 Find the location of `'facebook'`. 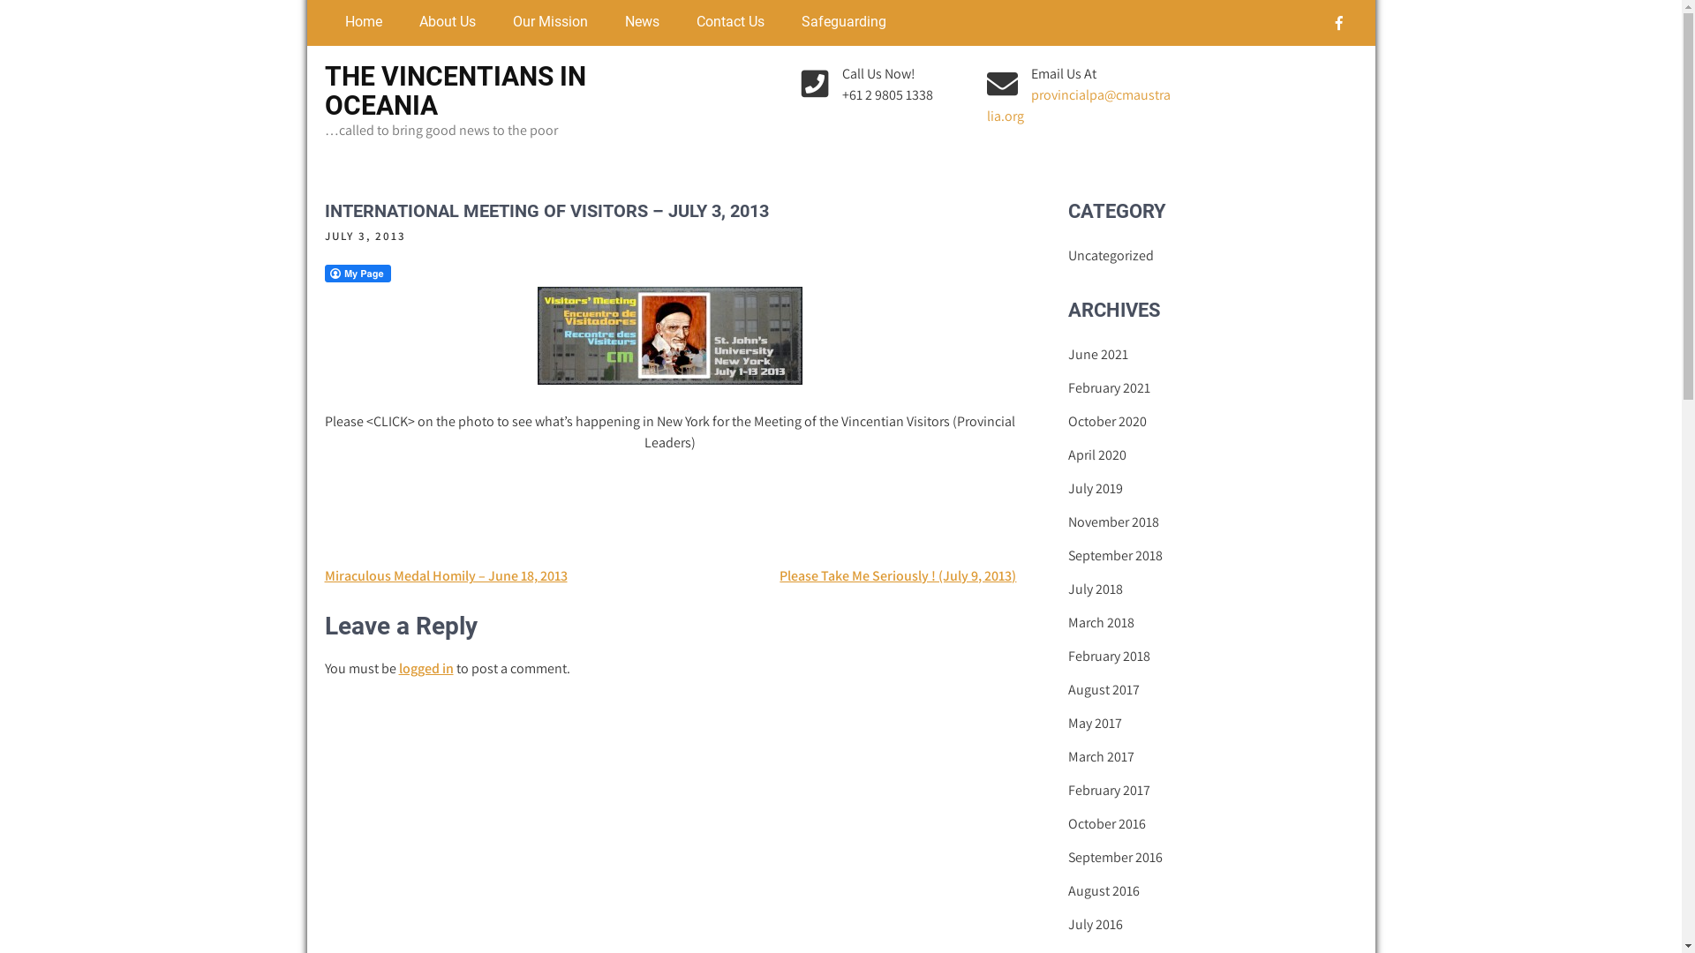

'facebook' is located at coordinates (1323, 23).